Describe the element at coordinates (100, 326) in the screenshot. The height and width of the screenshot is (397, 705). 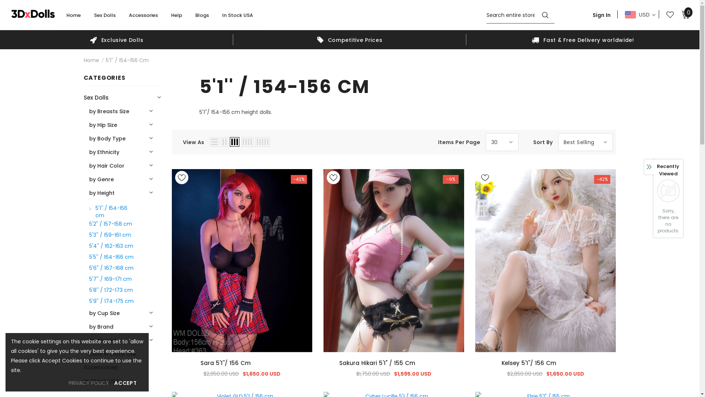
I see `'by Brand'` at that location.